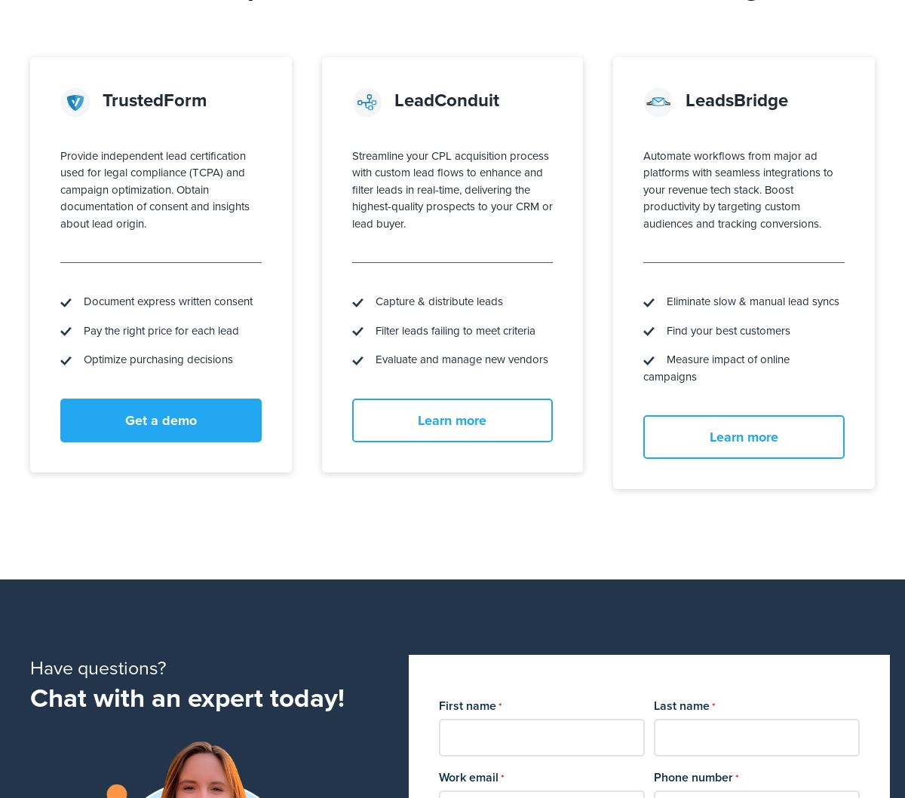 This screenshot has height=798, width=905. Describe the element at coordinates (443, 97) in the screenshot. I see `'LeadConduit'` at that location.